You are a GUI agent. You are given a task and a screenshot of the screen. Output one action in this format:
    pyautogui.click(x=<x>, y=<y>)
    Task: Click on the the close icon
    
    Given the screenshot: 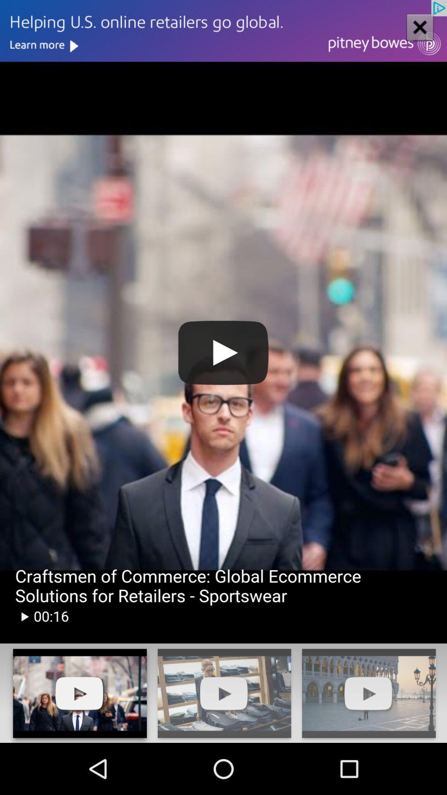 What is the action you would take?
    pyautogui.click(x=420, y=29)
    